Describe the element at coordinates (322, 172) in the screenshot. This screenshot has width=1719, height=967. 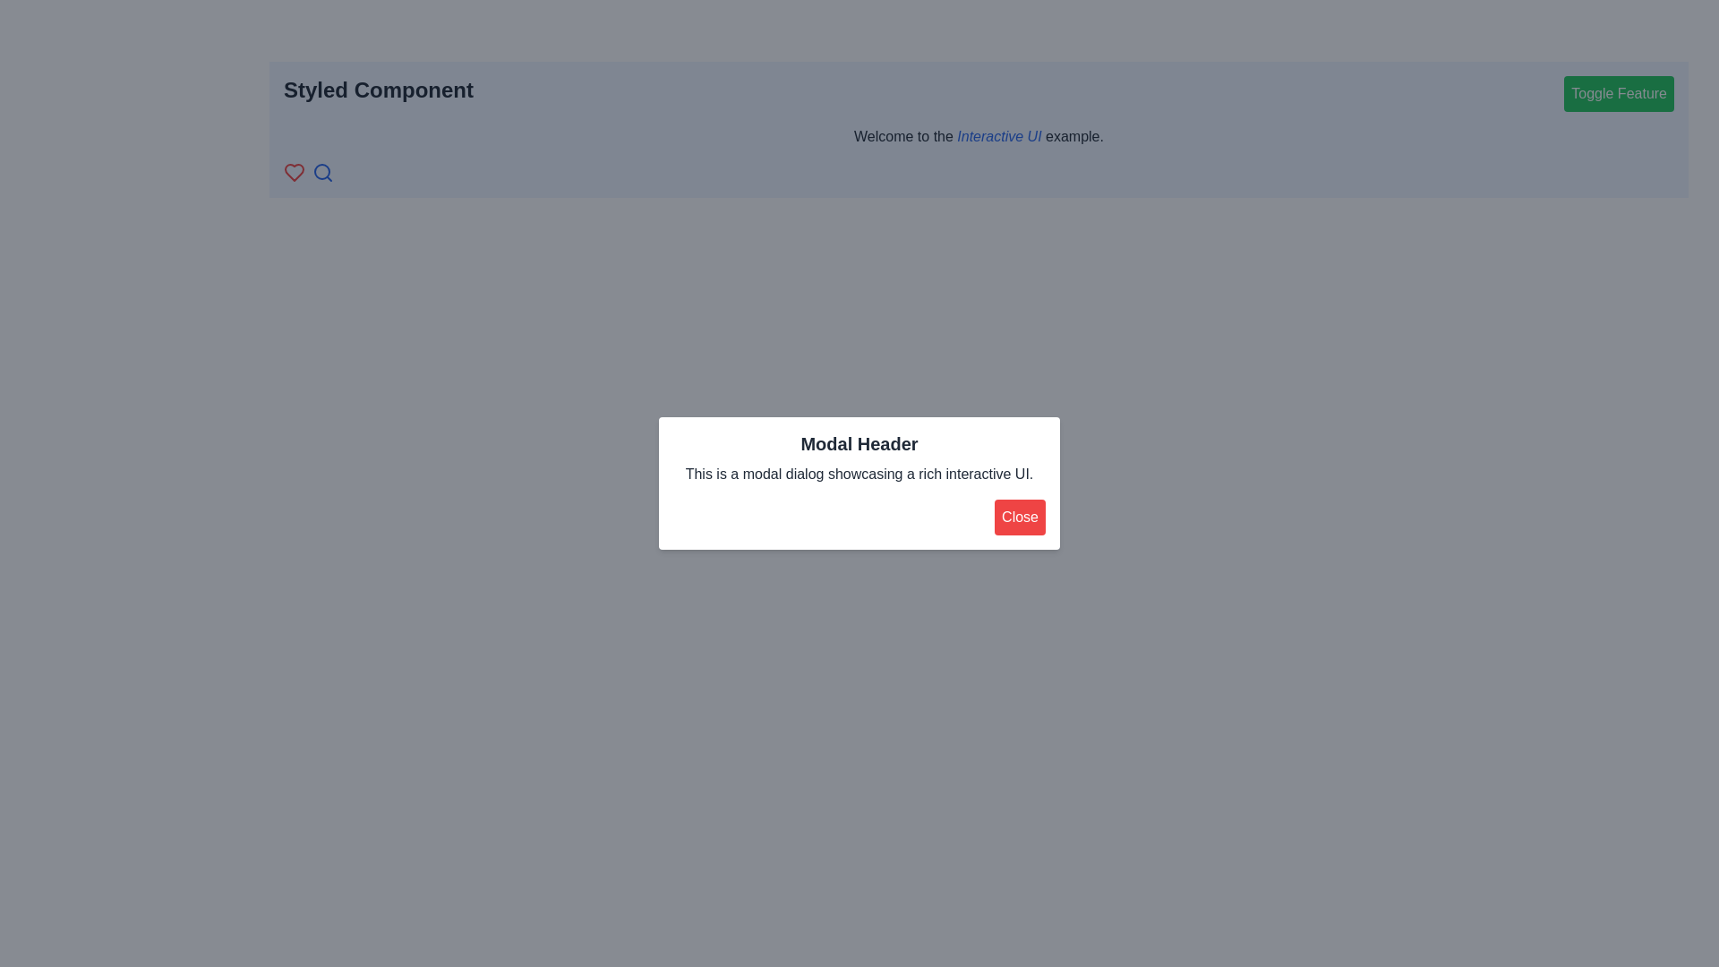
I see `the small circular outline within the magnifying glass icon indicating the search function, located under the 'Styled Component' header` at that location.